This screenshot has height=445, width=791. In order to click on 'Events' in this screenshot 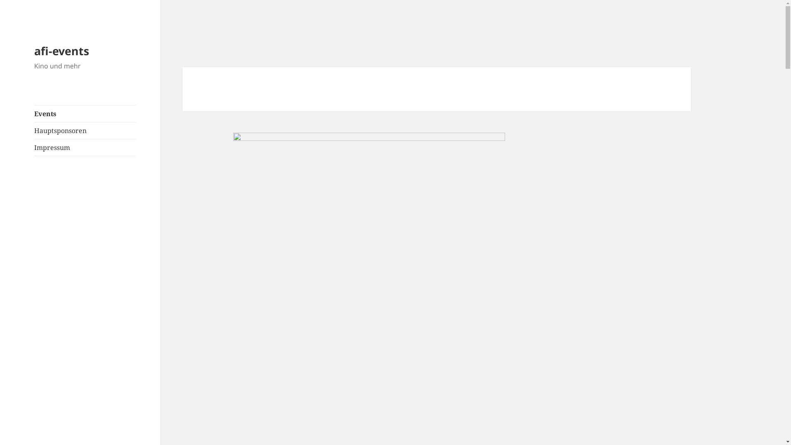, I will do `click(85, 114)`.